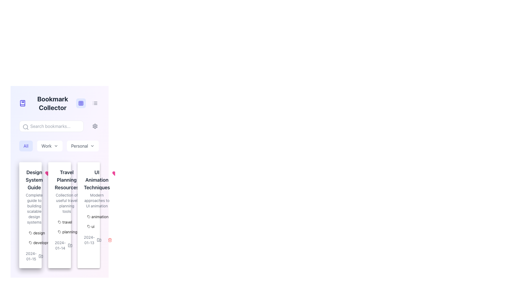  I want to click on the text label displaying the title 'Travel Planning Resources', which is centrally located within the second card of a horizontal list of cards, so click(66, 180).